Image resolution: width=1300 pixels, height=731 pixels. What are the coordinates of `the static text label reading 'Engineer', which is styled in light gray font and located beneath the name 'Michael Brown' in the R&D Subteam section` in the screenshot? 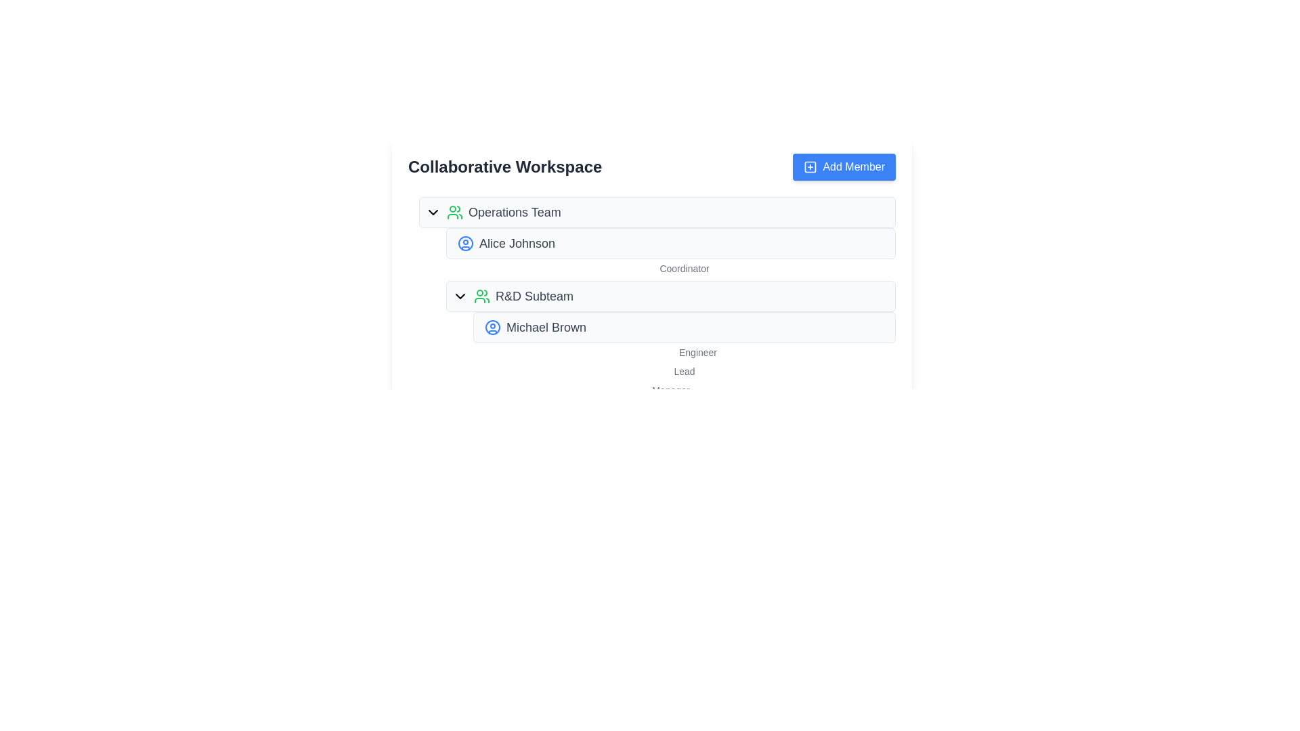 It's located at (698, 351).